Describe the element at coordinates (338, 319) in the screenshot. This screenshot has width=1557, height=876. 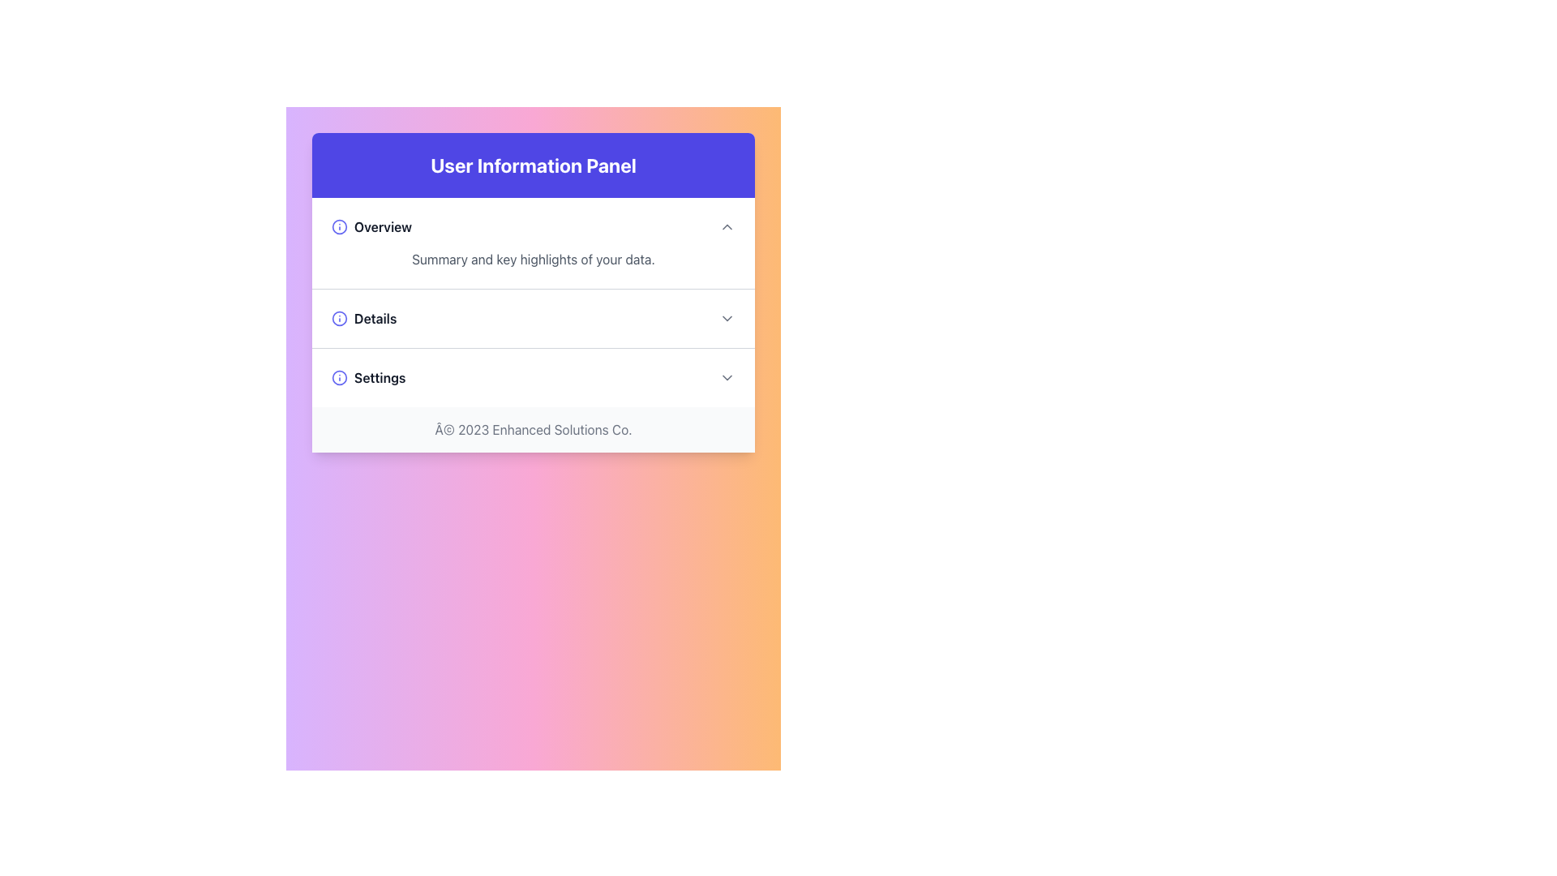
I see `the informational icon located to the immediate left of the 'Details' text in the vertical list of items` at that location.